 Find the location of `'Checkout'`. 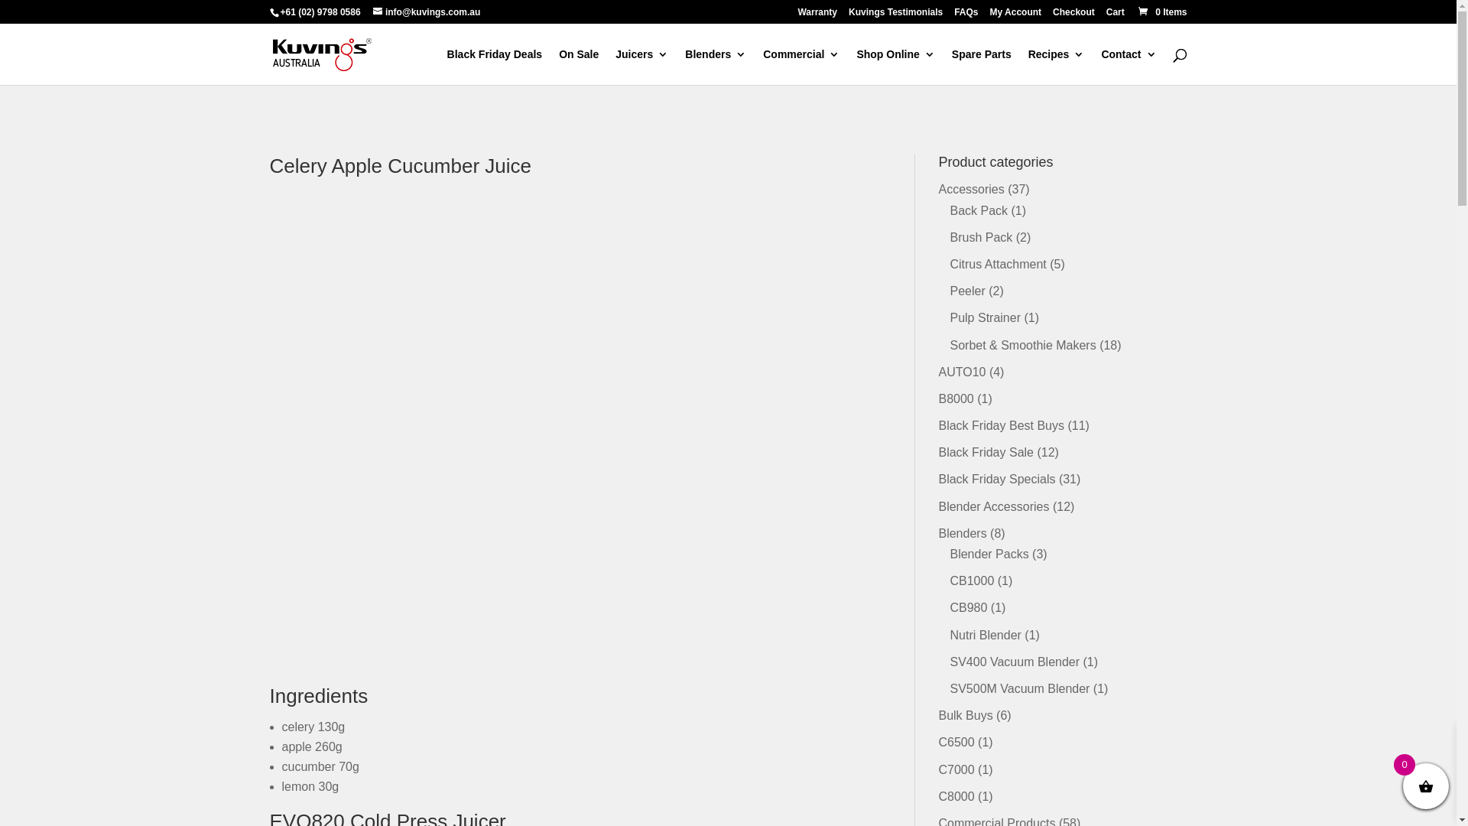

'Checkout' is located at coordinates (1073, 15).